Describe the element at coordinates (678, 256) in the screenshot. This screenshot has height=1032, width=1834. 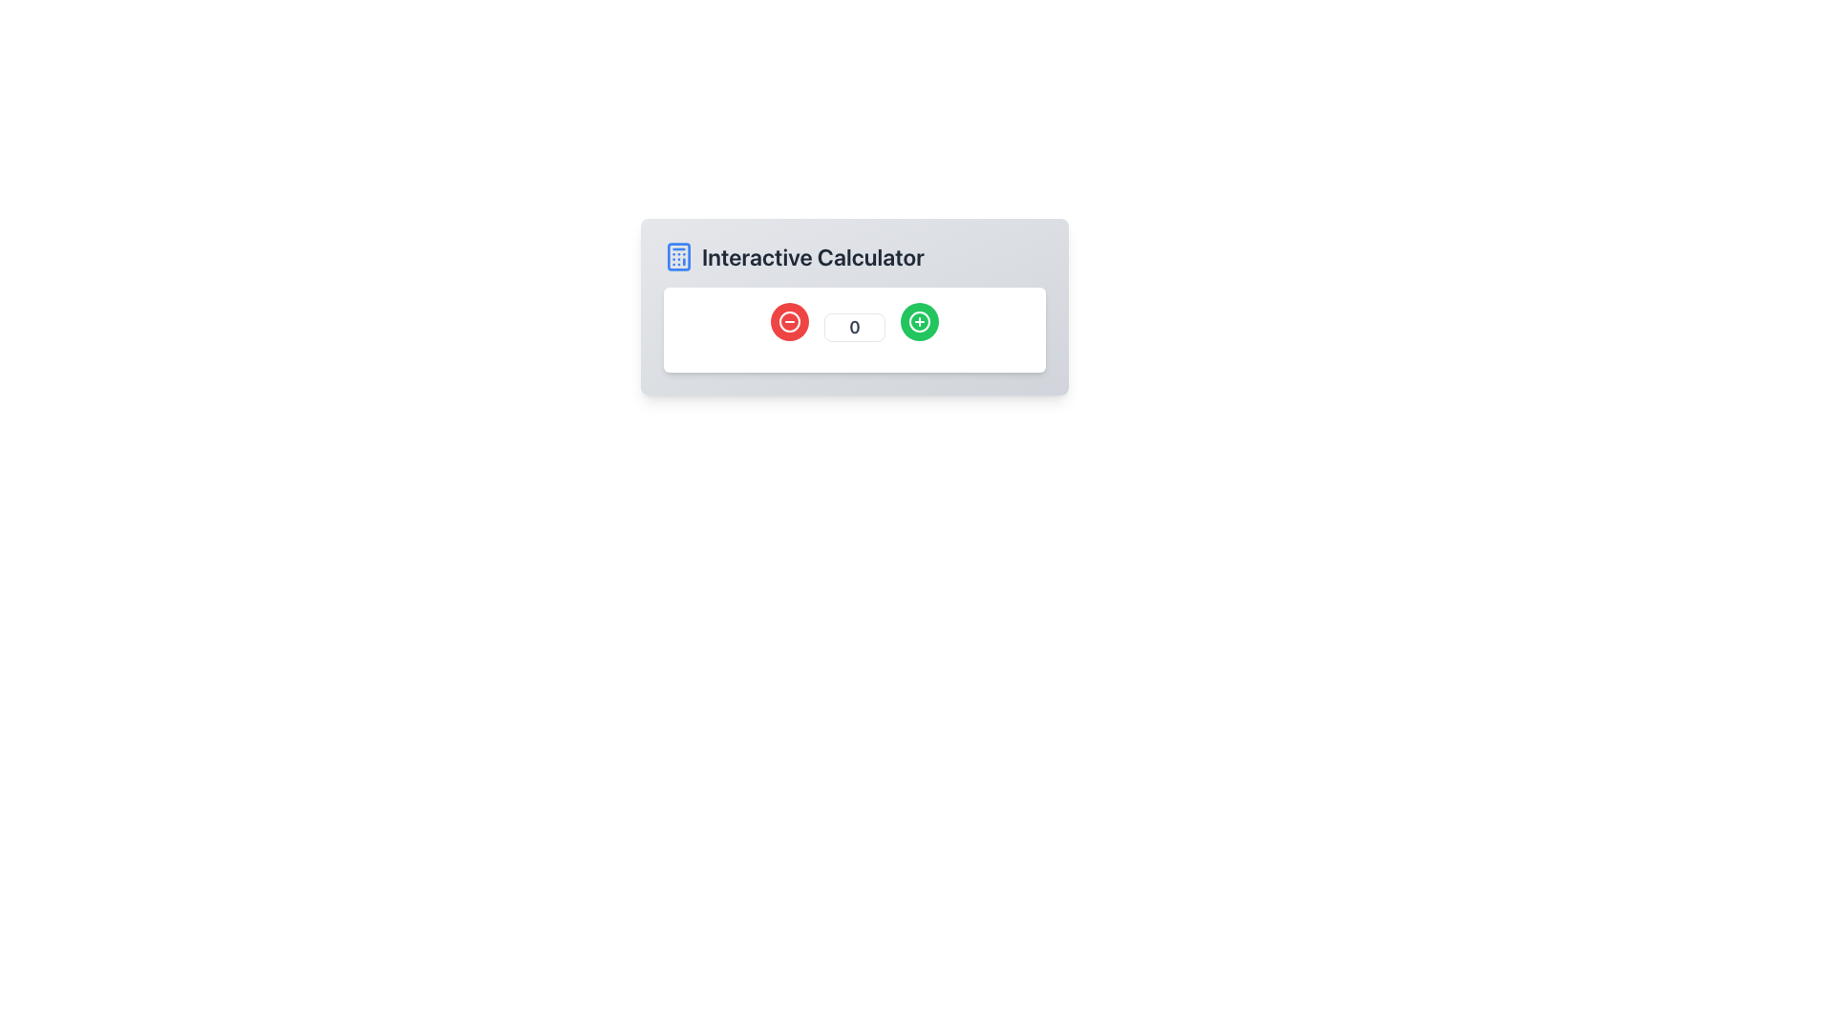
I see `the small, rectangular blue calculator icon located to the left of the 'Interactive Calculator' text` at that location.